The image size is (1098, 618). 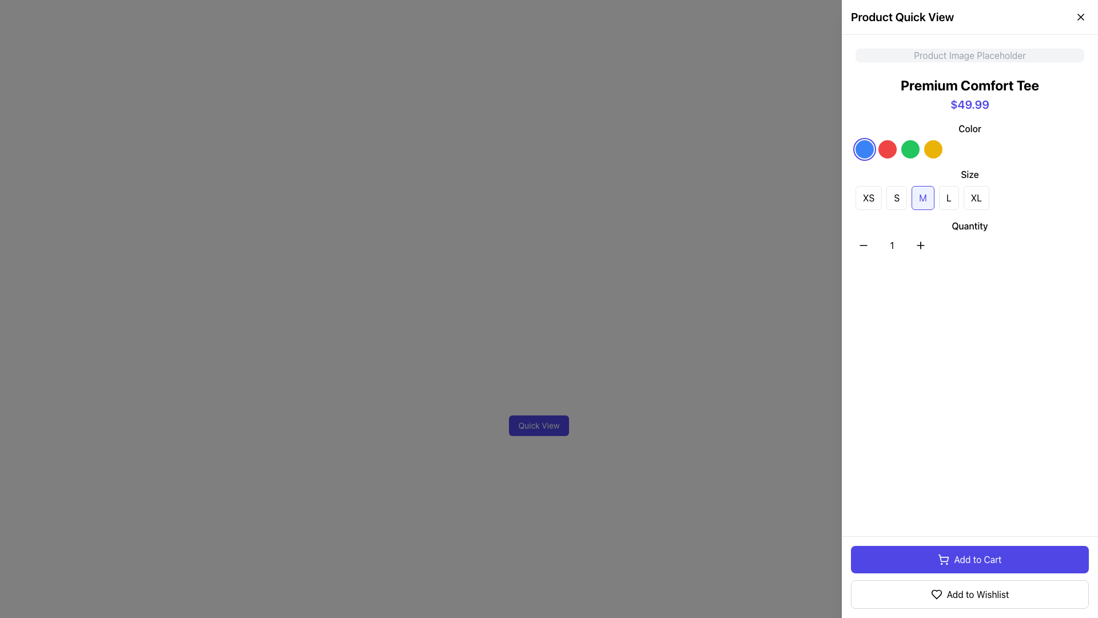 I want to click on the Text display element that shows the current quantity selected by the user, located between the minus and plus icons under the 'Quantity' label, so click(x=892, y=244).